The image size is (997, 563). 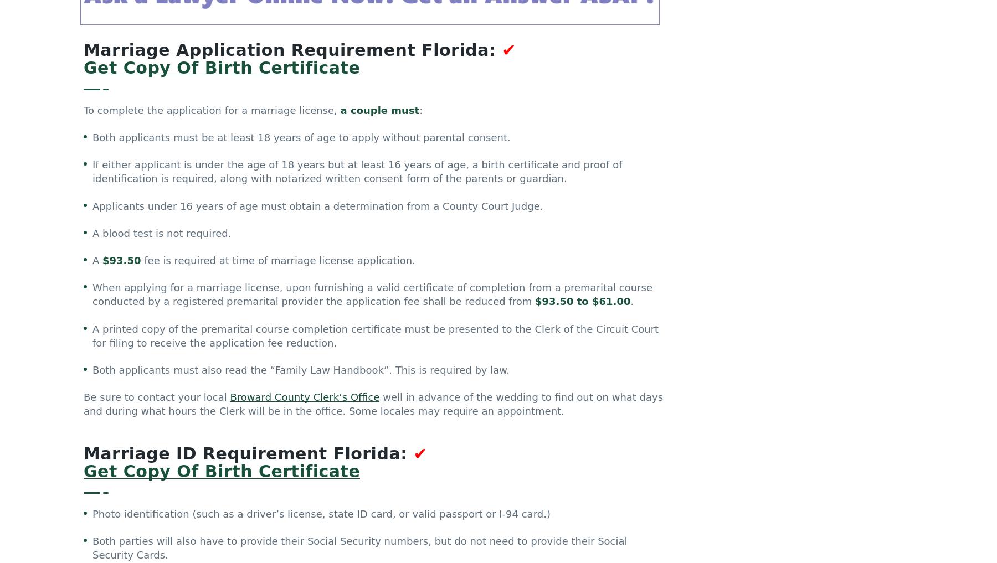 What do you see at coordinates (631, 303) in the screenshot?
I see `'.'` at bounding box center [631, 303].